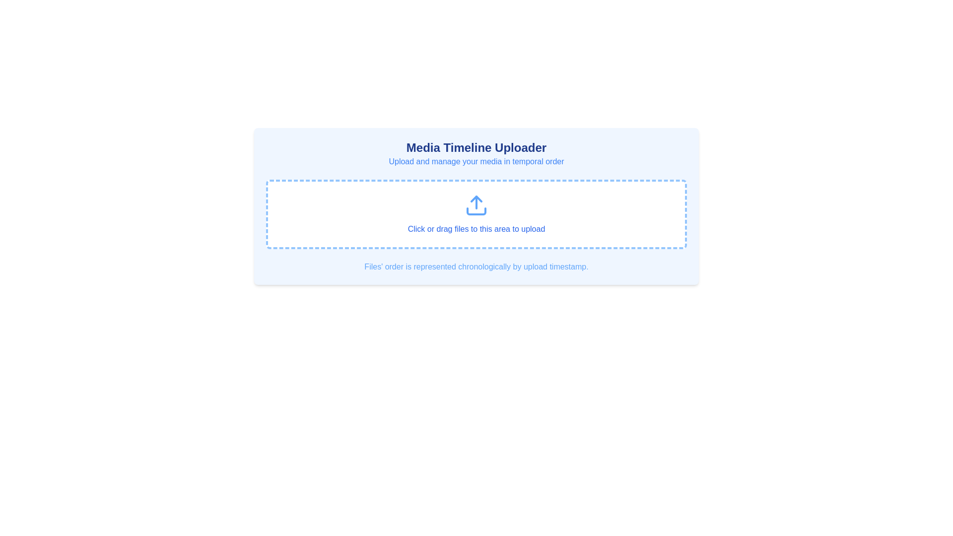 This screenshot has height=536, width=953. I want to click on lower half of the upload icon, which is a rounded rectangular shape styled minimally, for styling or debugging purposes, so click(476, 210).